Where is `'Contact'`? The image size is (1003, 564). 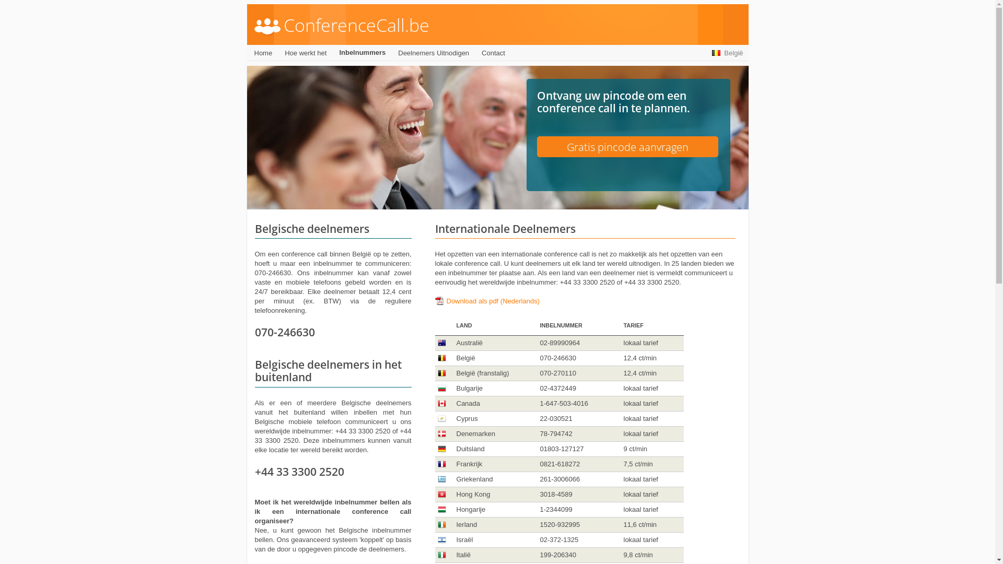 'Contact' is located at coordinates (493, 53).